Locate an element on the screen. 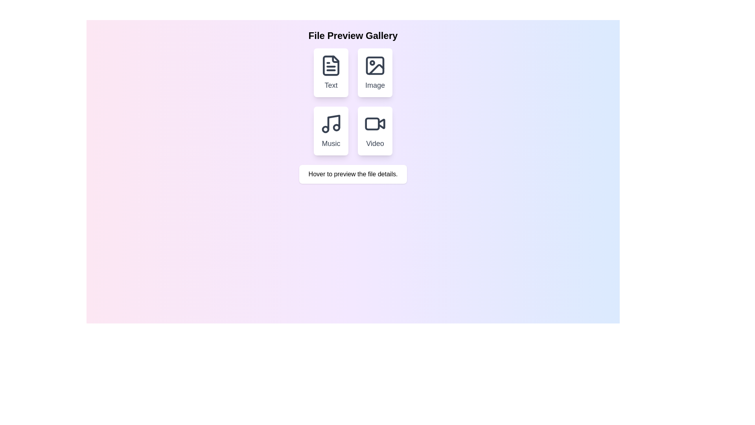  the graphic icon representing a text file, which is part of the 'Text' button in the top-left of the button grid layout is located at coordinates (331, 65).